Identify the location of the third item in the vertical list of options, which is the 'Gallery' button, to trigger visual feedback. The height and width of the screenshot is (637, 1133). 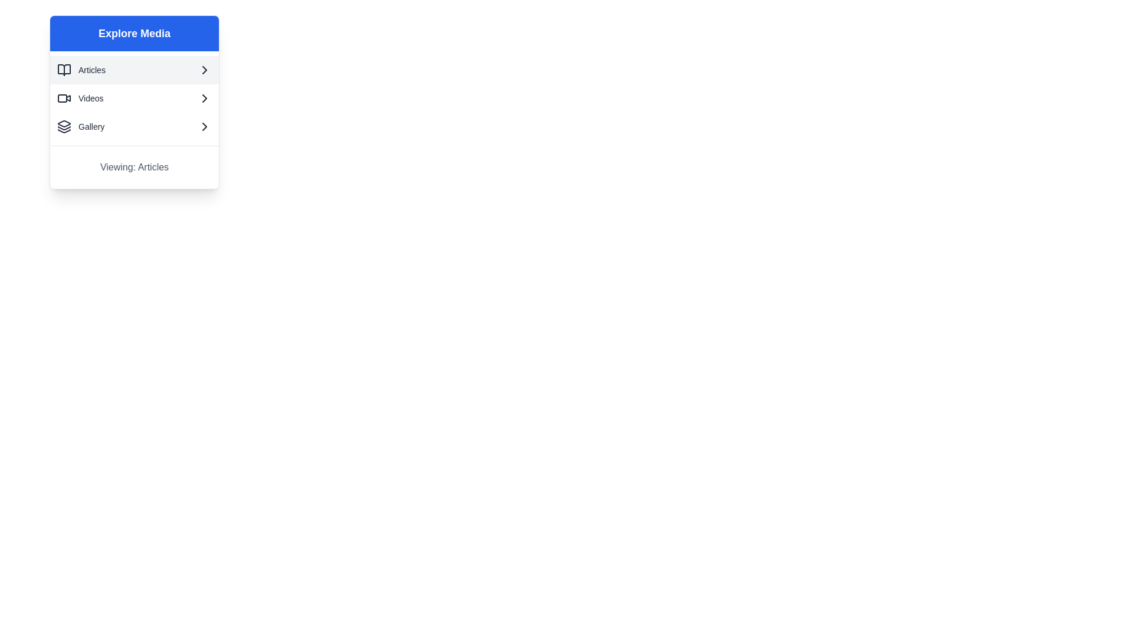
(134, 127).